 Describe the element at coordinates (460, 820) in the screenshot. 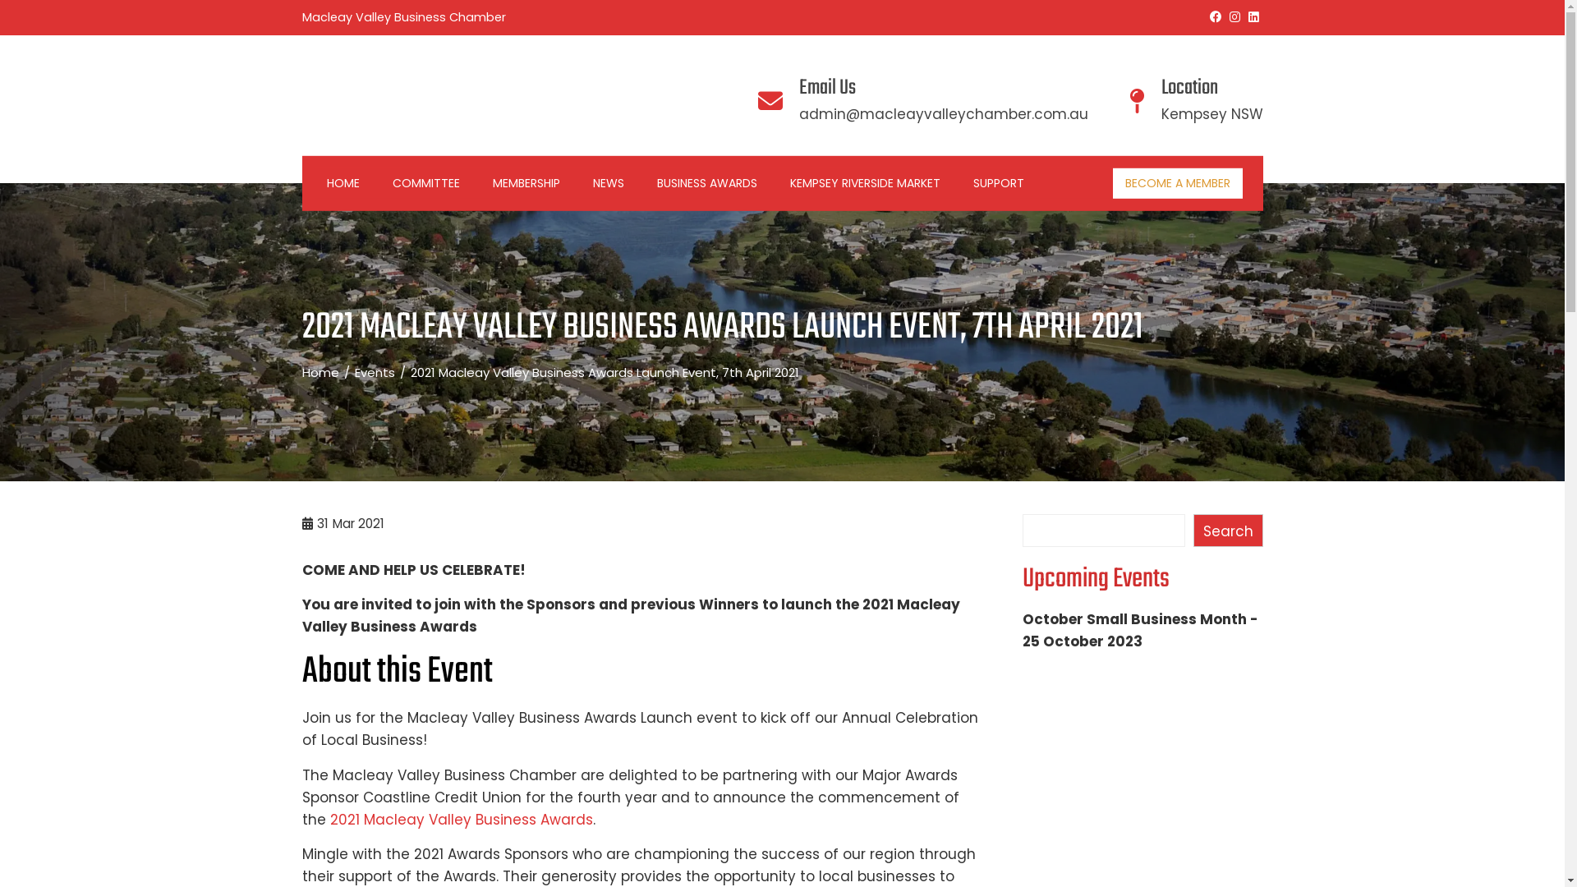

I see `'2021 Macleay Valley Business Awards'` at that location.